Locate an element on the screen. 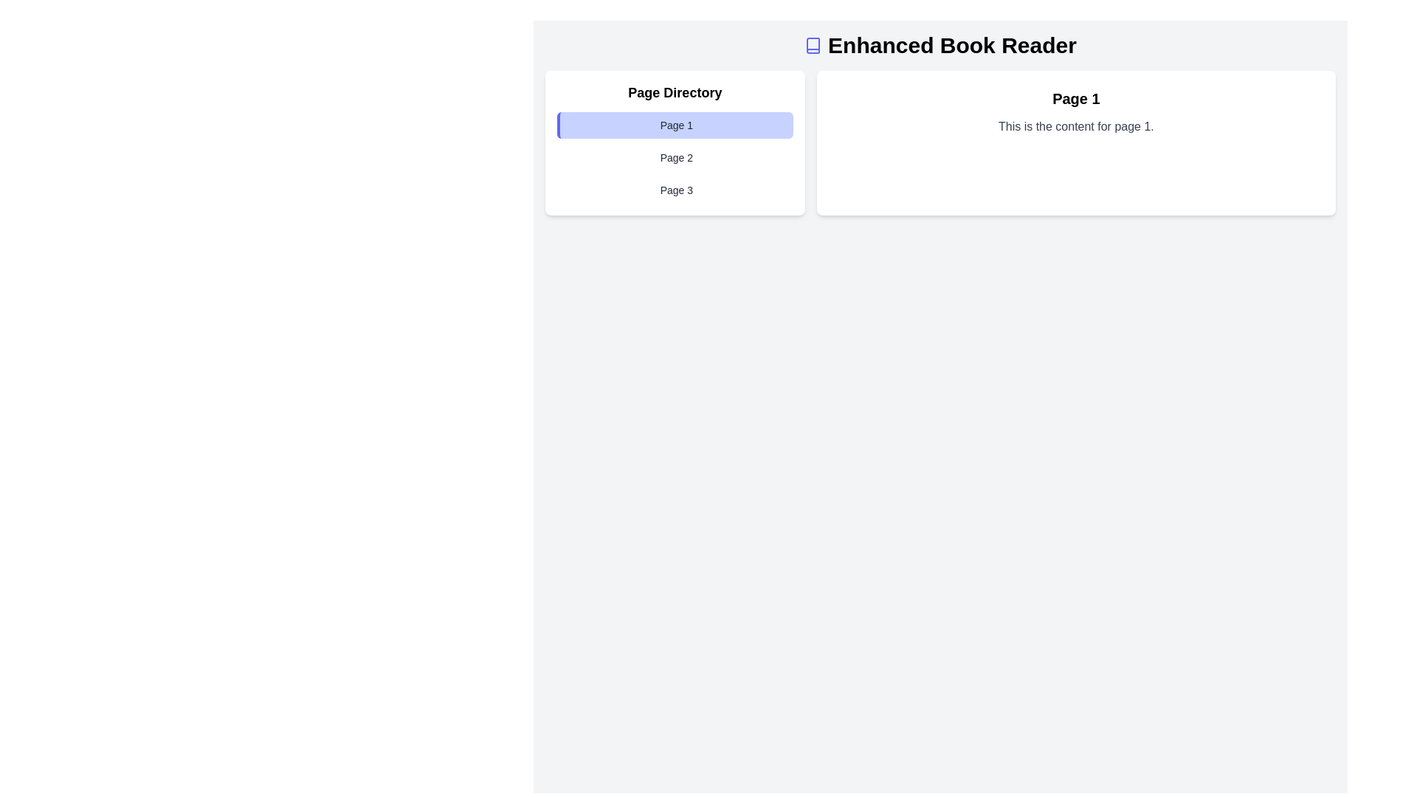  the text-based button labeled 'Page 3', which is the third item in the 'Page Directory' list is located at coordinates (674, 190).